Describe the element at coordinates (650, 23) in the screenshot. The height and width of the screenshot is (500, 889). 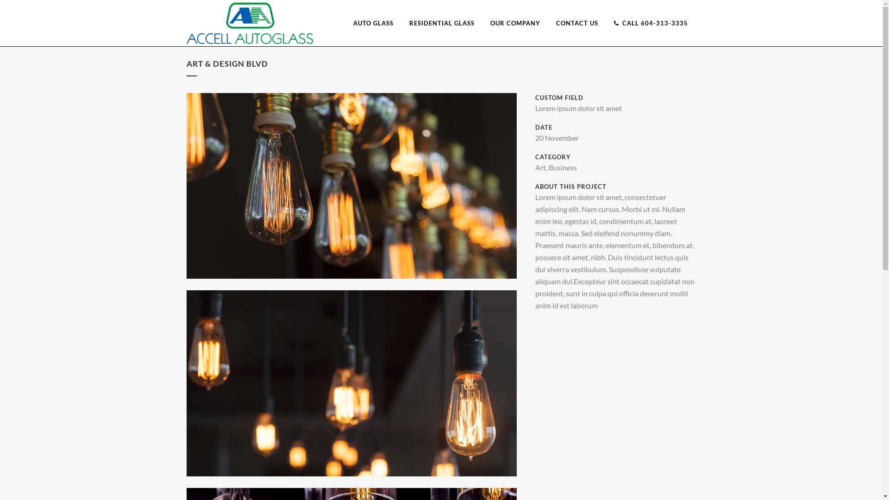
I see `'CALL 604-313-3335'` at that location.